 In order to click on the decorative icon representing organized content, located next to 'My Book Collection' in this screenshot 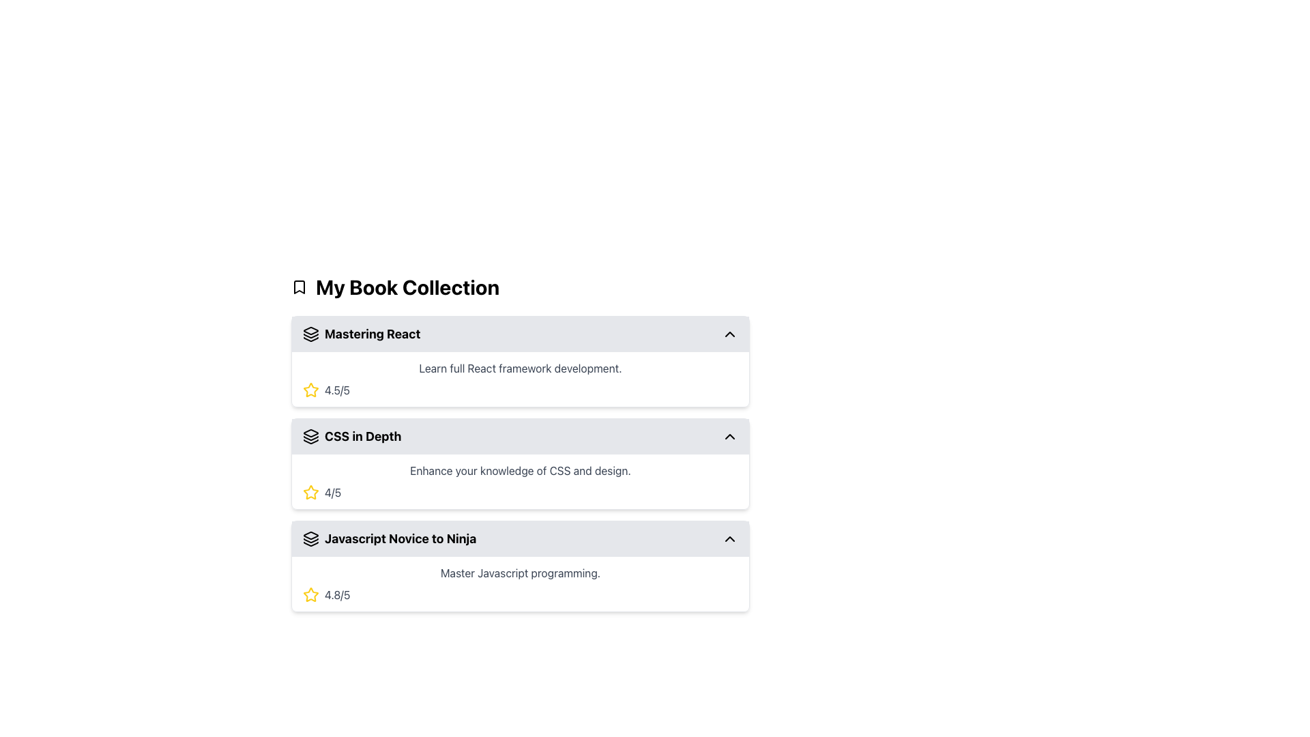, I will do `click(310, 438)`.